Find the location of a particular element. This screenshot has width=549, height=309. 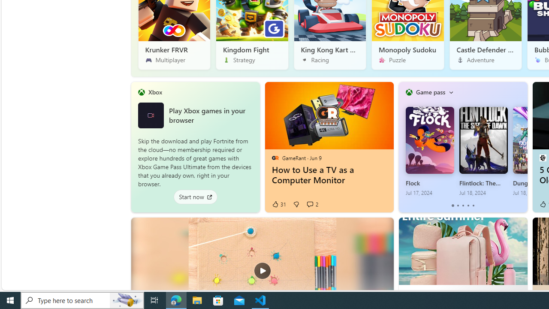

'Flintlock: The Siege of Dawn Jul 18, 2024' is located at coordinates (483, 151).